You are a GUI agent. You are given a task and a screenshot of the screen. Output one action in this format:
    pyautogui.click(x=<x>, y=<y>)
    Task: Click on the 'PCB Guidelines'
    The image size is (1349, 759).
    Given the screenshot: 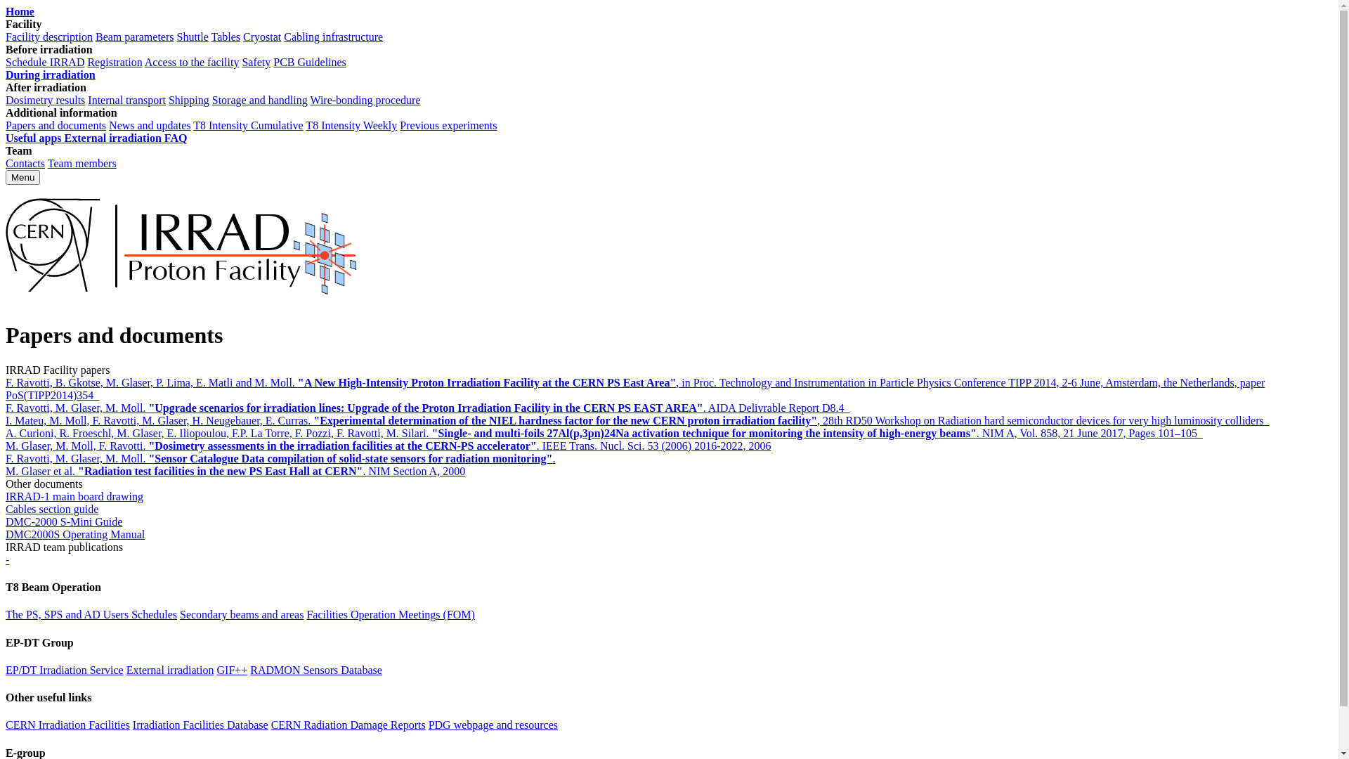 What is the action you would take?
    pyautogui.click(x=273, y=61)
    